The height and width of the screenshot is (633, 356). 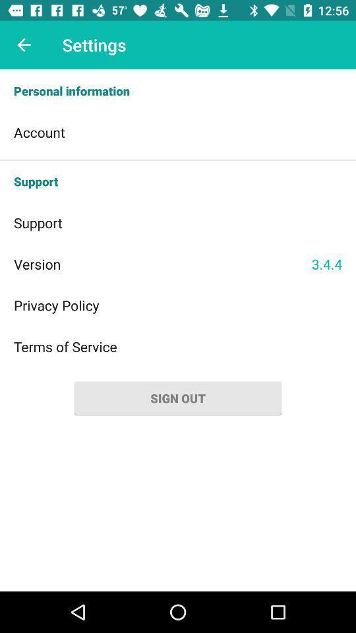 I want to click on version icon, so click(x=162, y=263).